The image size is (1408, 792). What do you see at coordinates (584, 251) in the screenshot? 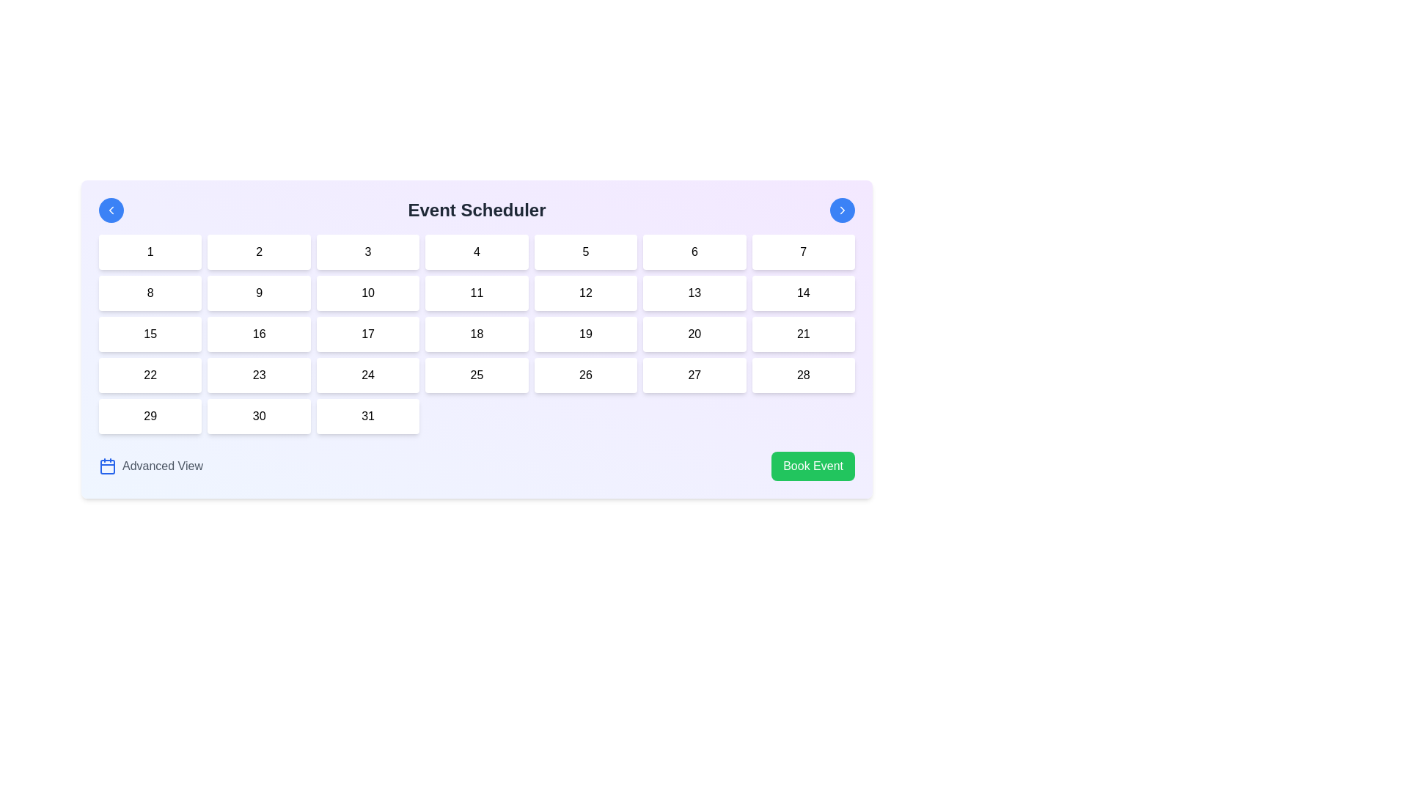
I see `the button labeled '5', which is a white rectangular box with rounded edges` at bounding box center [584, 251].